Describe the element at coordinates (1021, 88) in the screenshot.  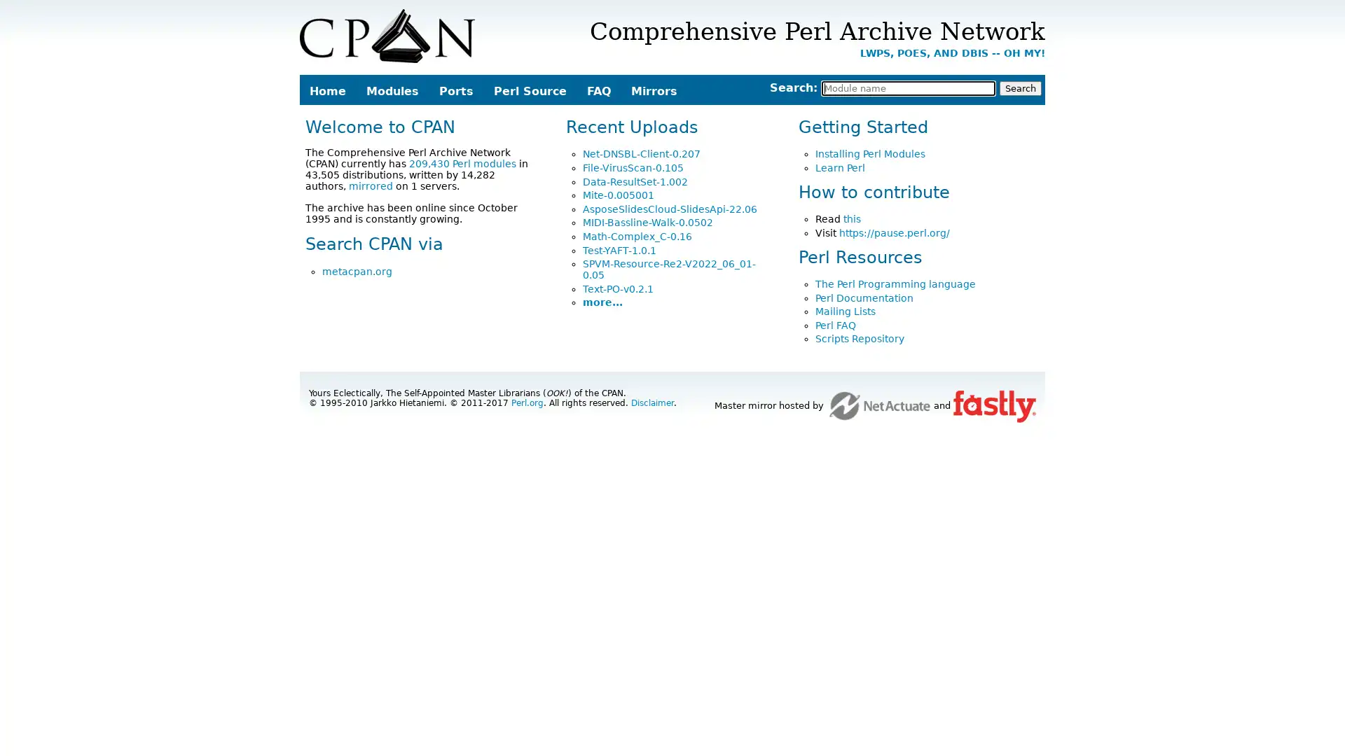
I see `Search` at that location.